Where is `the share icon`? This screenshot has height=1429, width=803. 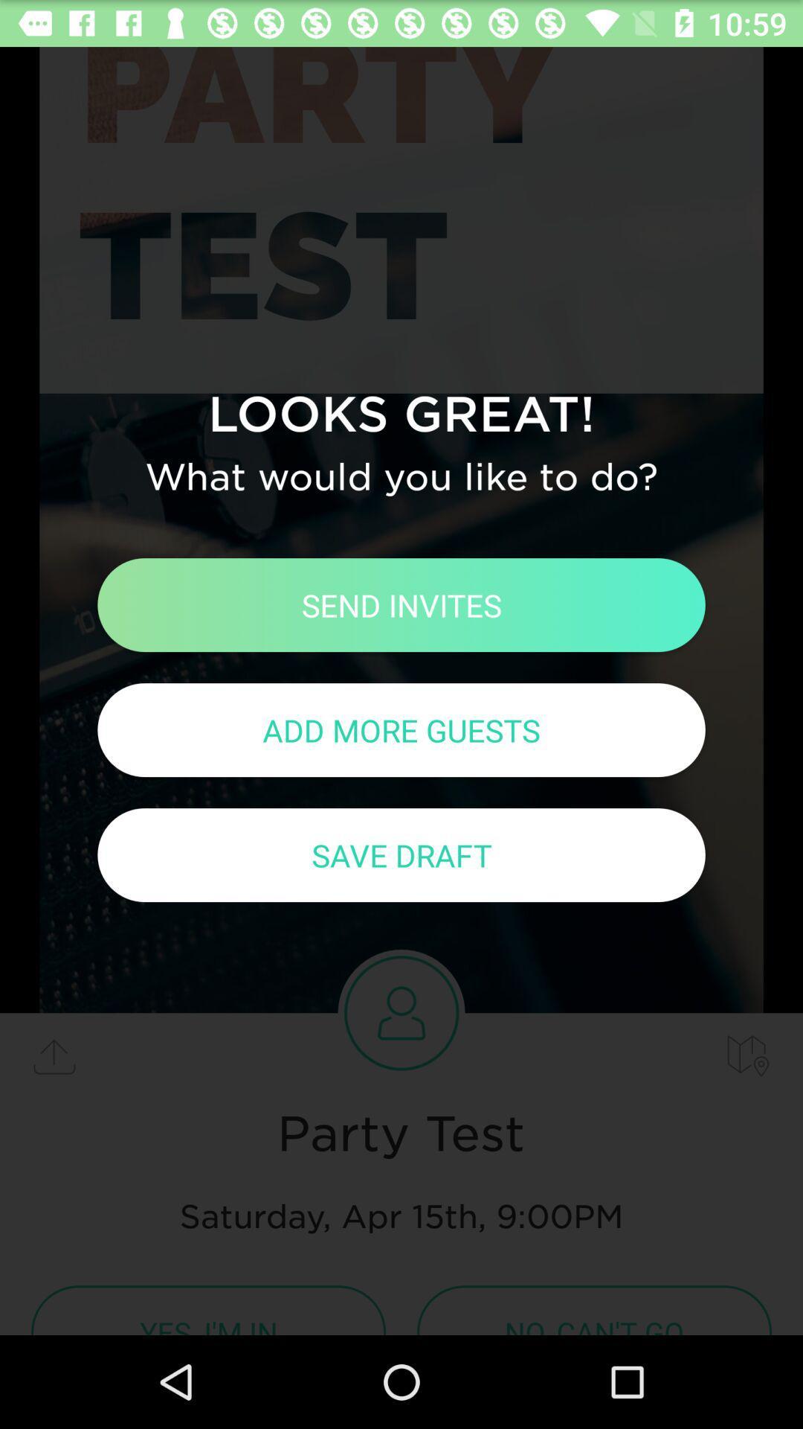
the share icon is located at coordinates (54, 1055).